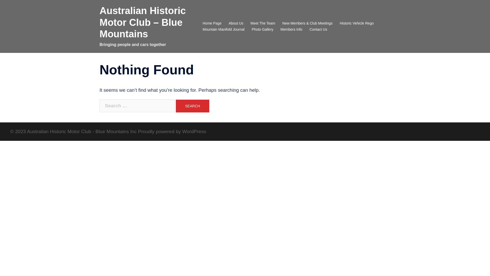  I want to click on 'Meet The Team', so click(263, 24).